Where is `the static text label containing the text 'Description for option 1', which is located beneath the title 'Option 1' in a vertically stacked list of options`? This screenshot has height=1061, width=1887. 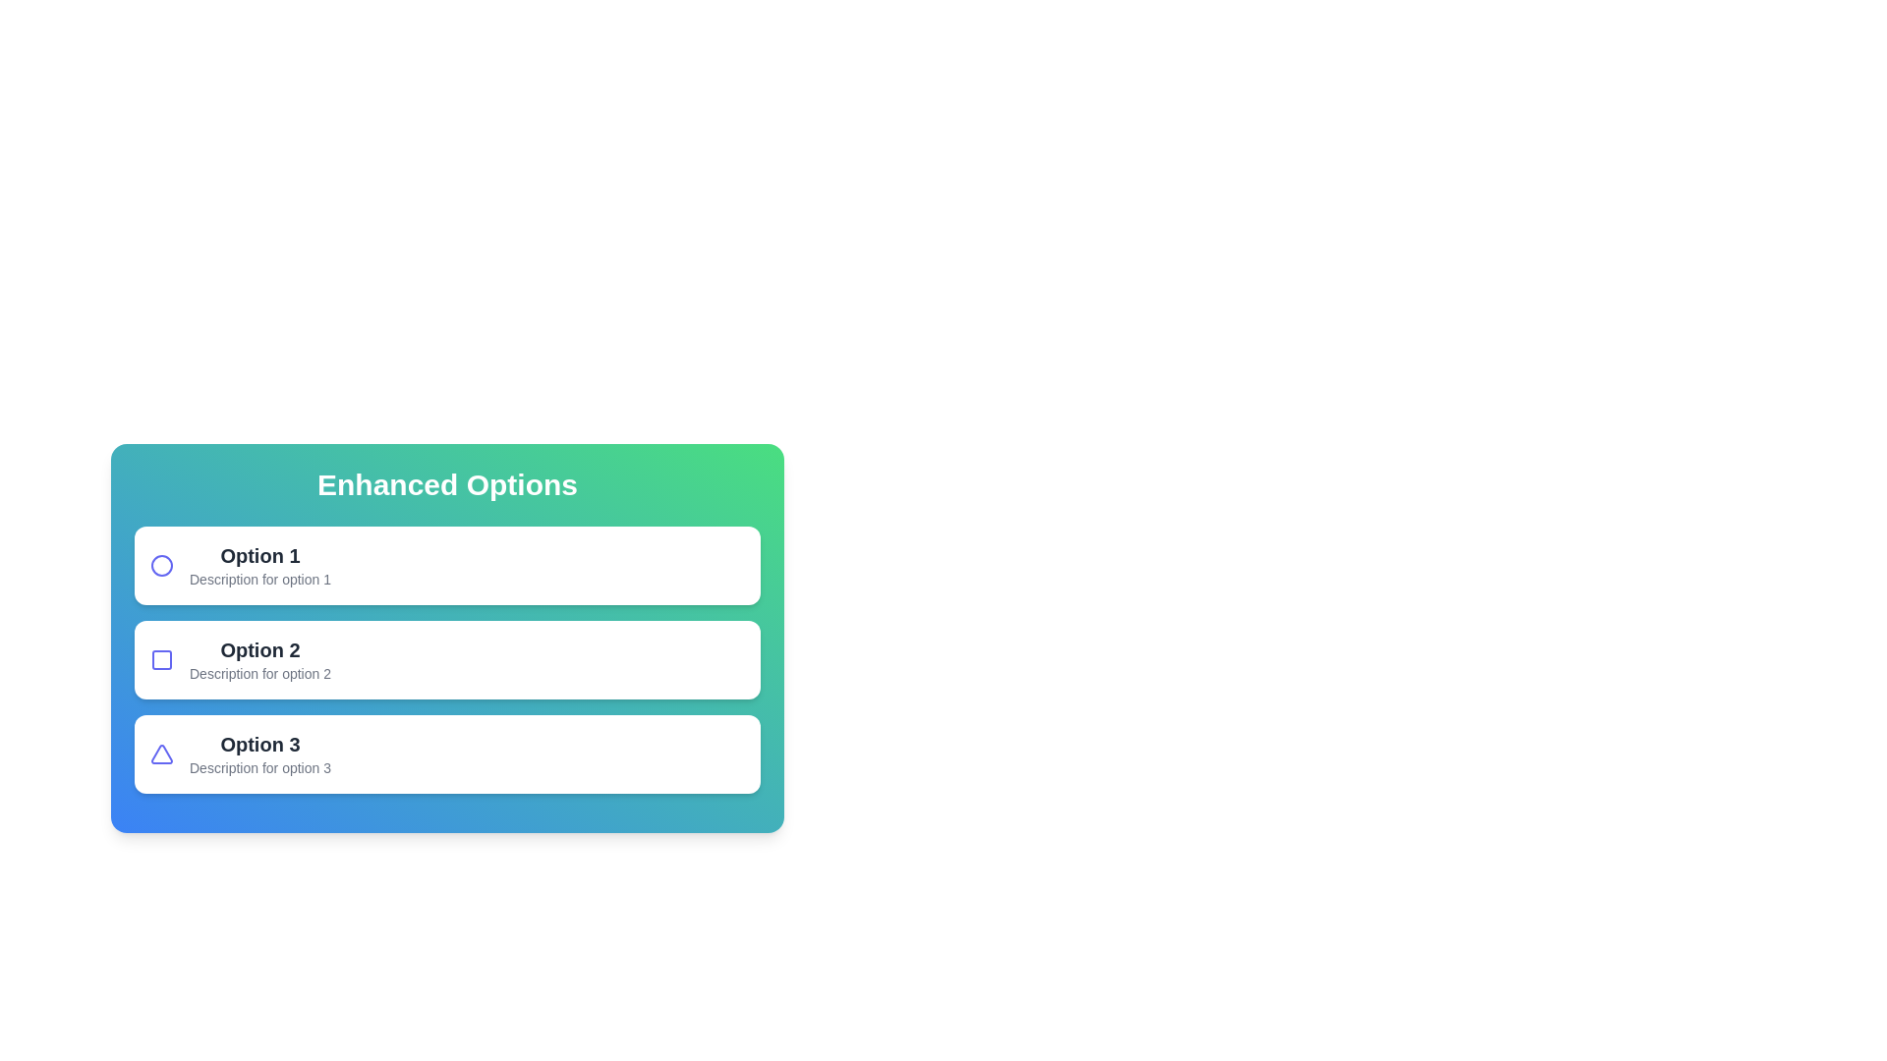
the static text label containing the text 'Description for option 1', which is located beneath the title 'Option 1' in a vertically stacked list of options is located at coordinates (258, 579).